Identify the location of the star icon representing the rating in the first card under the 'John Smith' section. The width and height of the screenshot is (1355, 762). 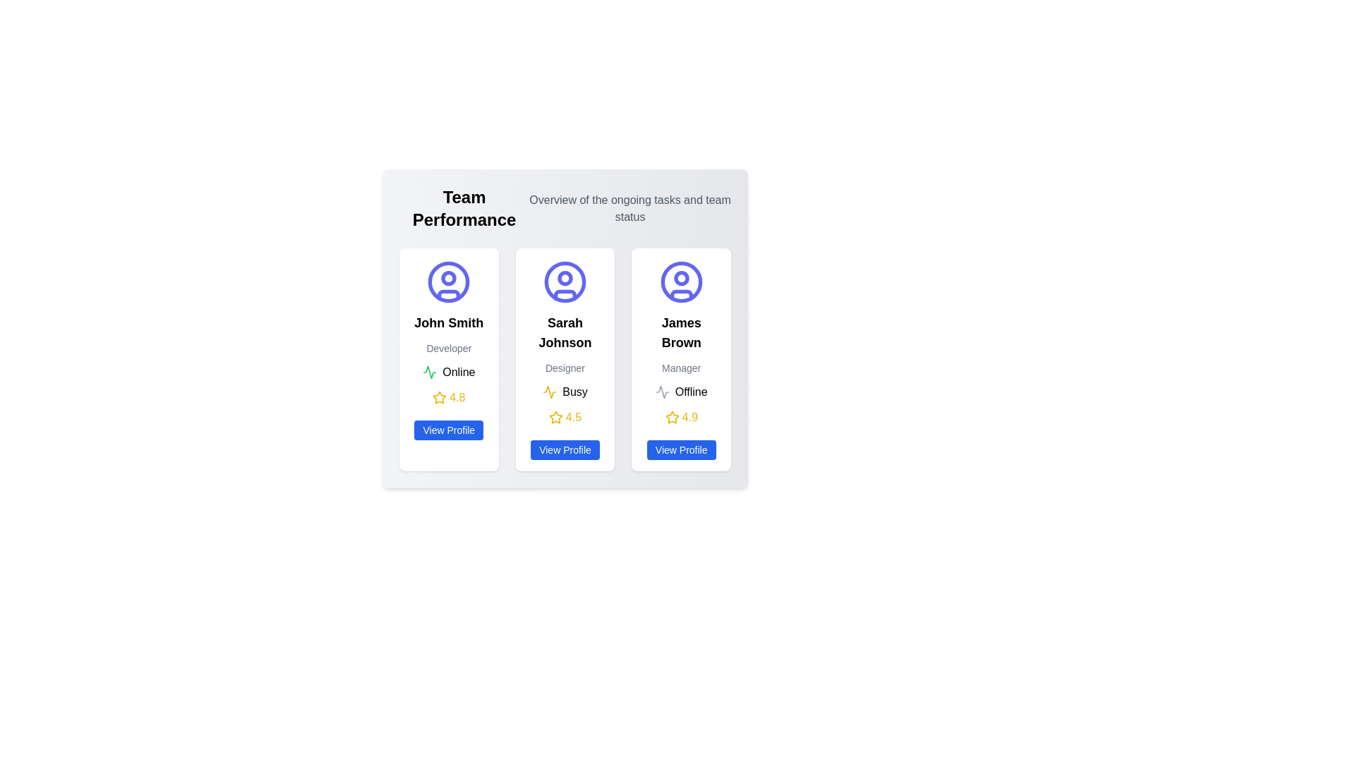
(439, 397).